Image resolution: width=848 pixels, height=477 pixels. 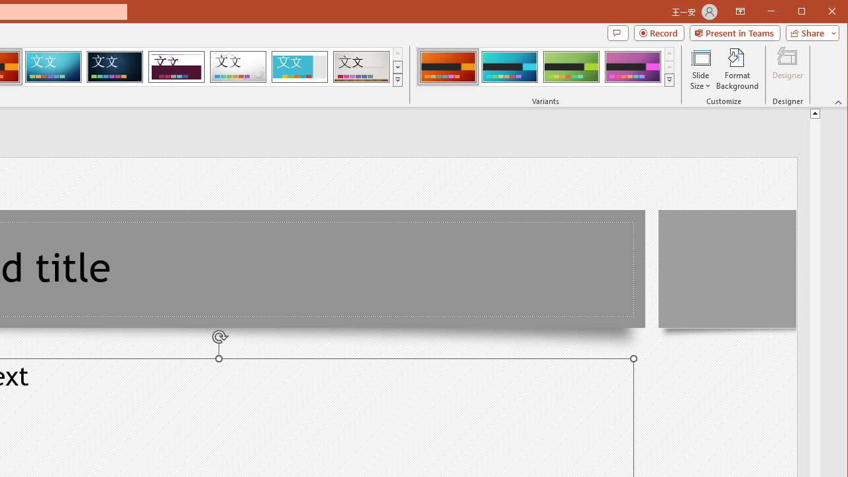 What do you see at coordinates (509, 66) in the screenshot?
I see `'Berlin Variant 2'` at bounding box center [509, 66].